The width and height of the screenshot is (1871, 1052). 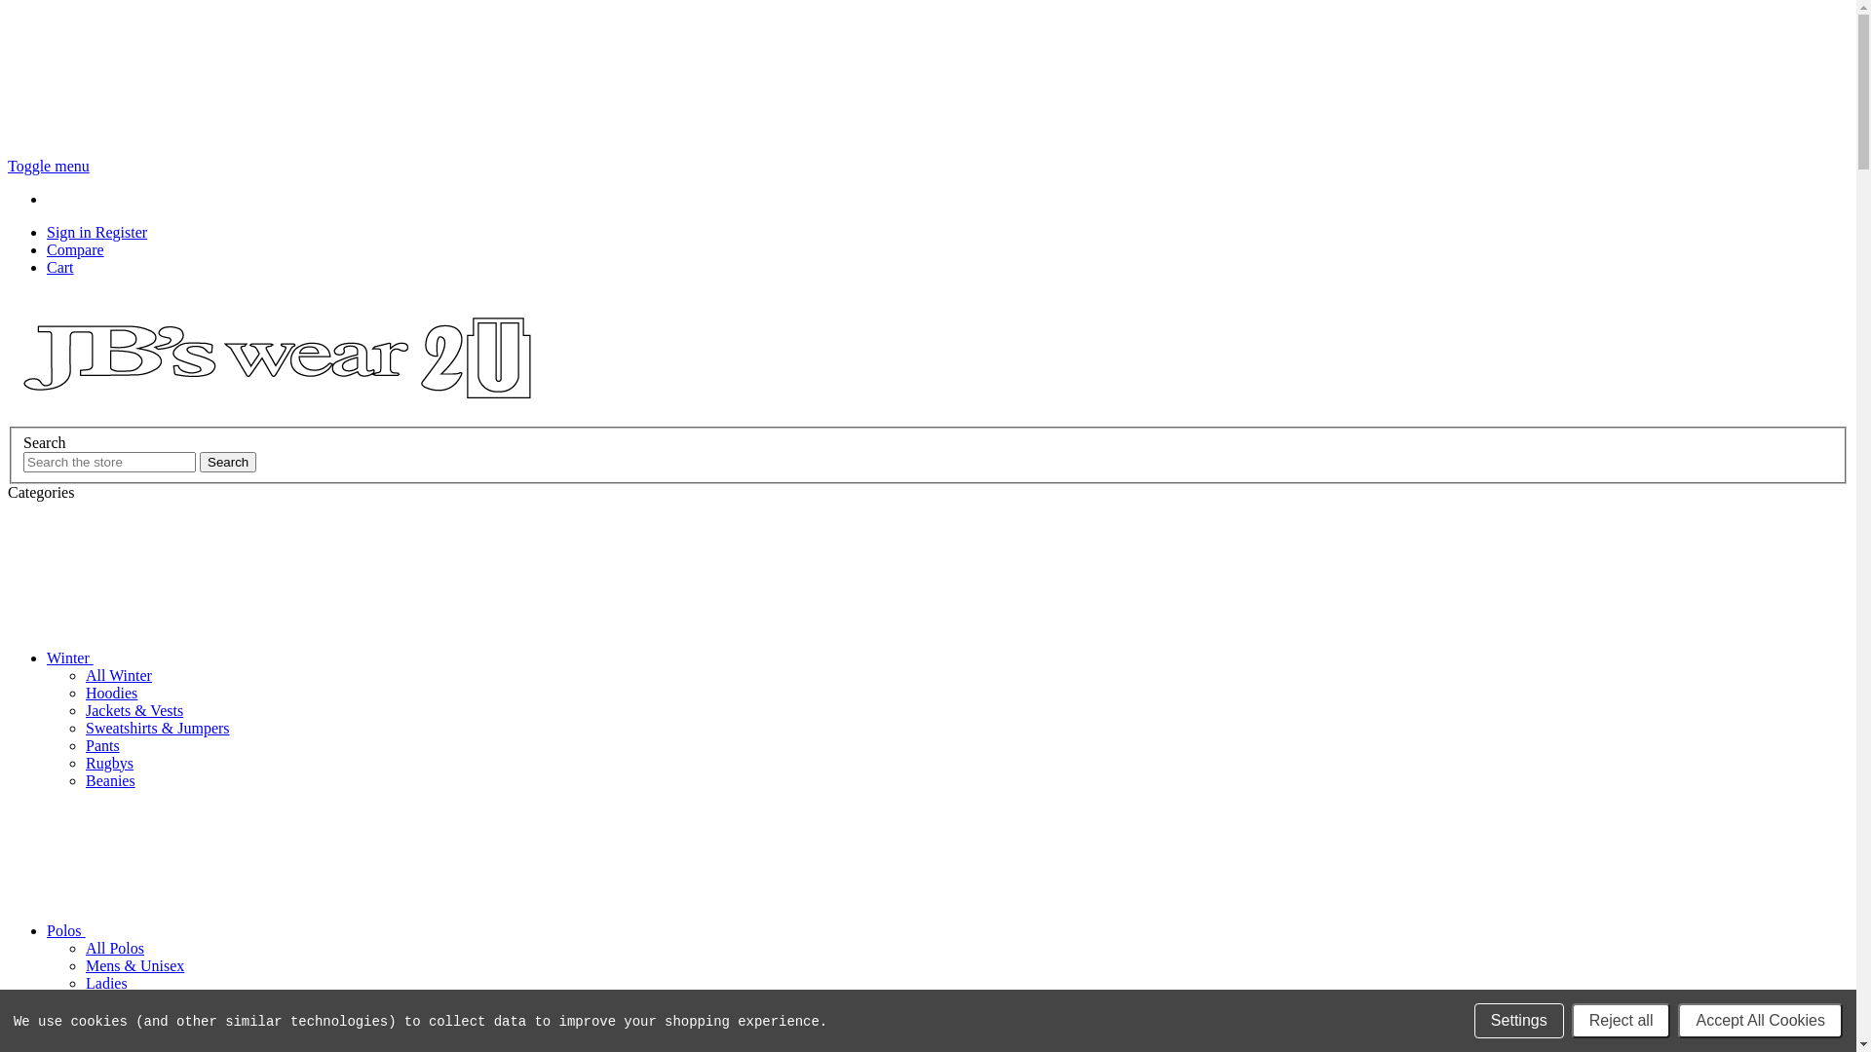 I want to click on 'Jackets & Vests', so click(x=84, y=710).